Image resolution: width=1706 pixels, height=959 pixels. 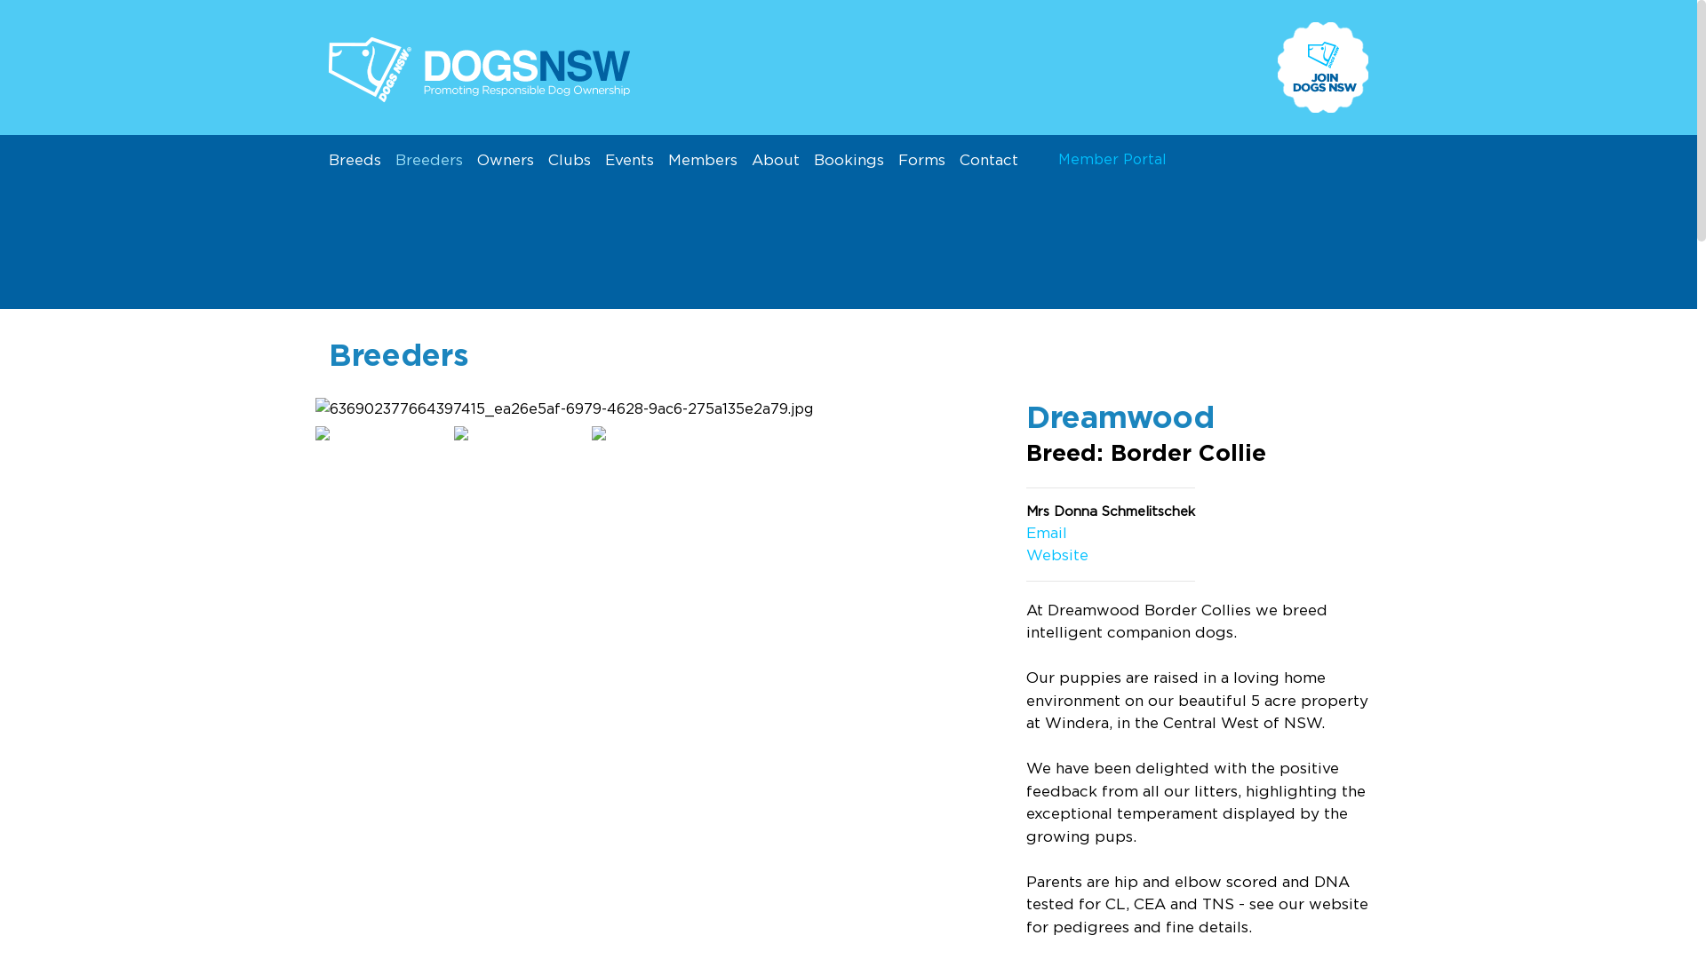 What do you see at coordinates (928, 161) in the screenshot?
I see `'Forms'` at bounding box center [928, 161].